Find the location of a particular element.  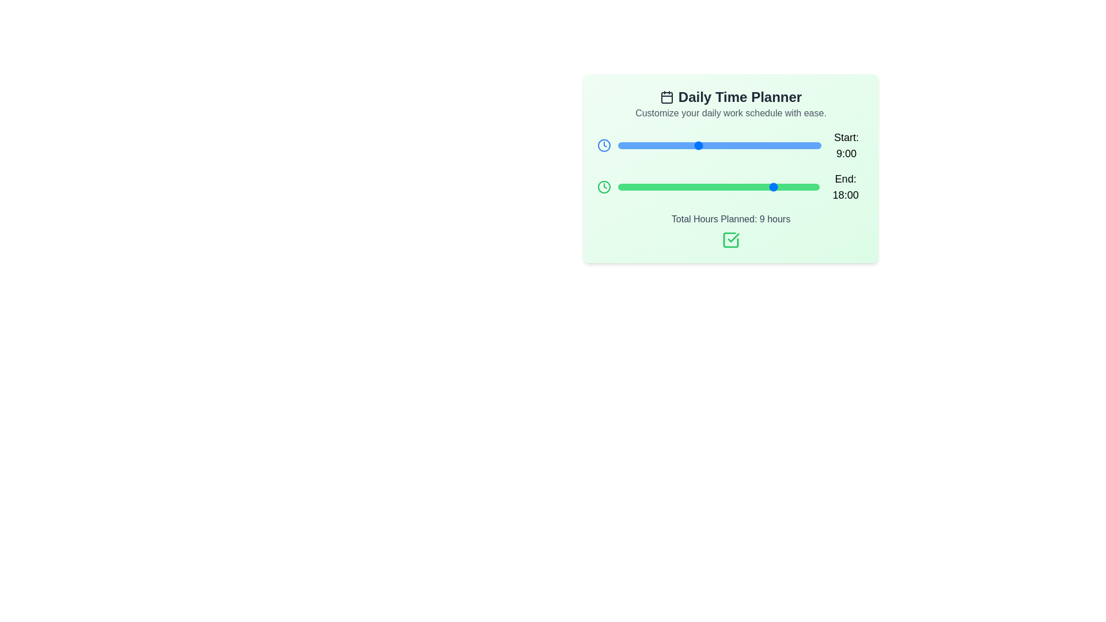

the 'End' slider to set the end time to 15:00 is located at coordinates (749, 186).